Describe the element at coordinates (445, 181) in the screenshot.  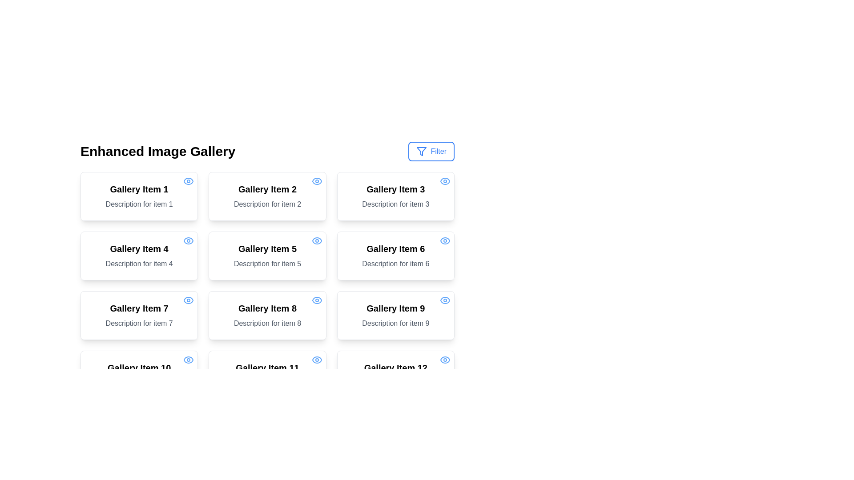
I see `the blue eye icon located at the top-right corner of the 'Gallery Item 3' card` at that location.